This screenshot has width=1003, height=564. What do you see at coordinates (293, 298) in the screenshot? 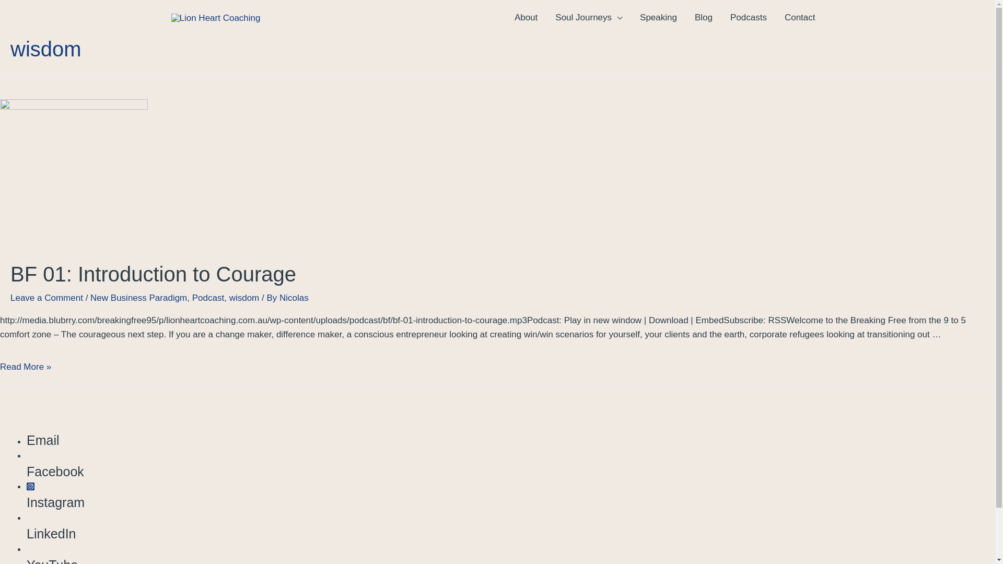
I see `'Nicolas'` at bounding box center [293, 298].